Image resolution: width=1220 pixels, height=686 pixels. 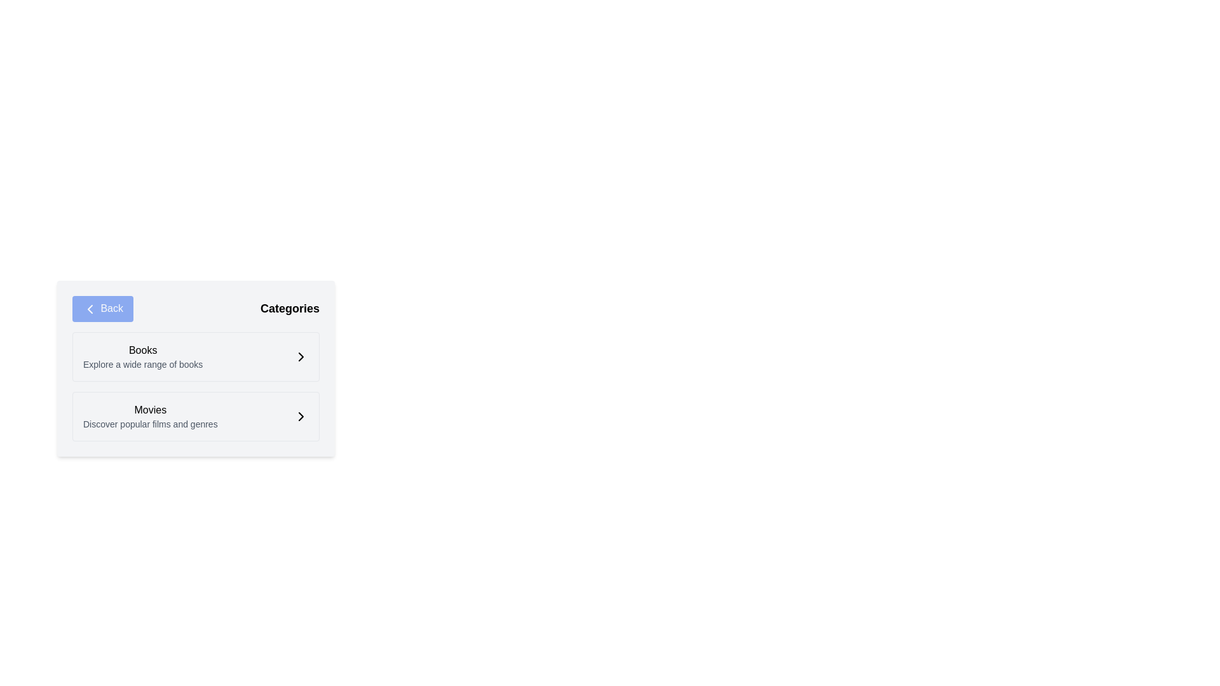 What do you see at coordinates (150, 416) in the screenshot?
I see `the Movies category item located under the 'Categories' section, which is the second item in the list and positioned directly below the 'Books' item` at bounding box center [150, 416].